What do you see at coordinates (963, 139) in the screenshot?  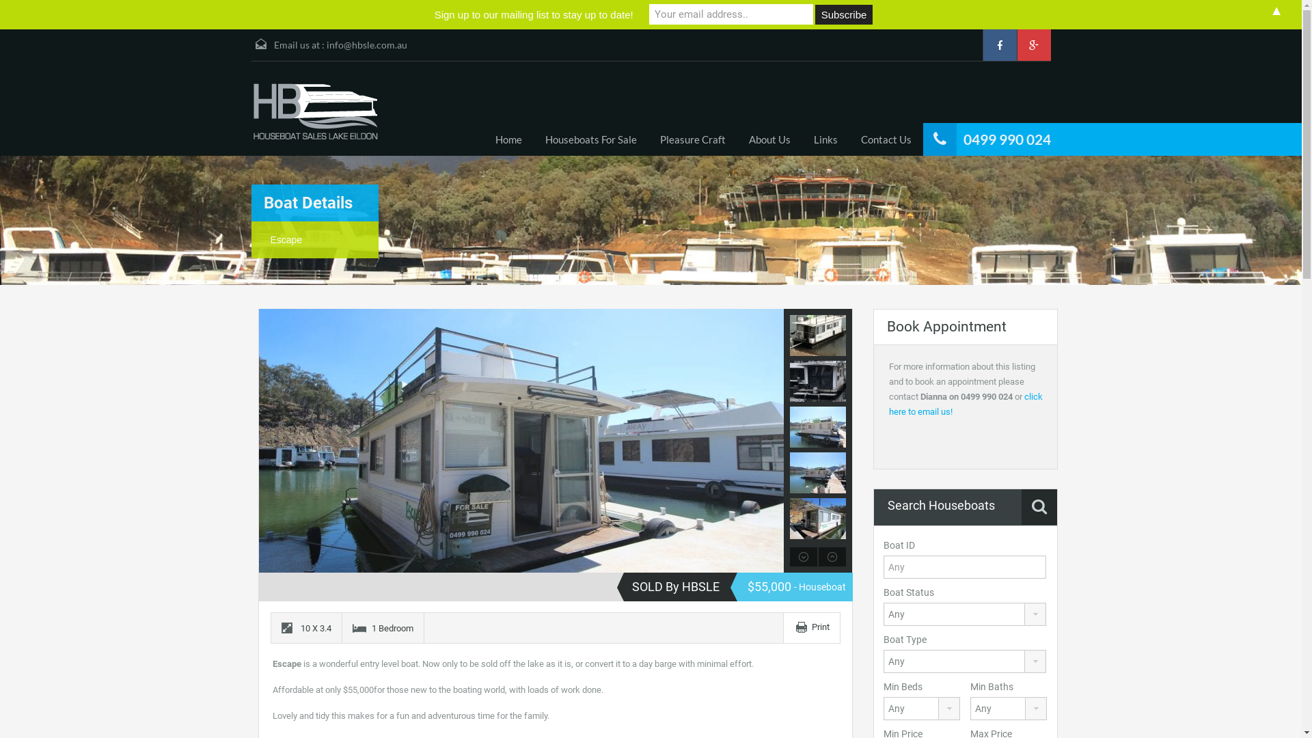 I see `'0499 990 024'` at bounding box center [963, 139].